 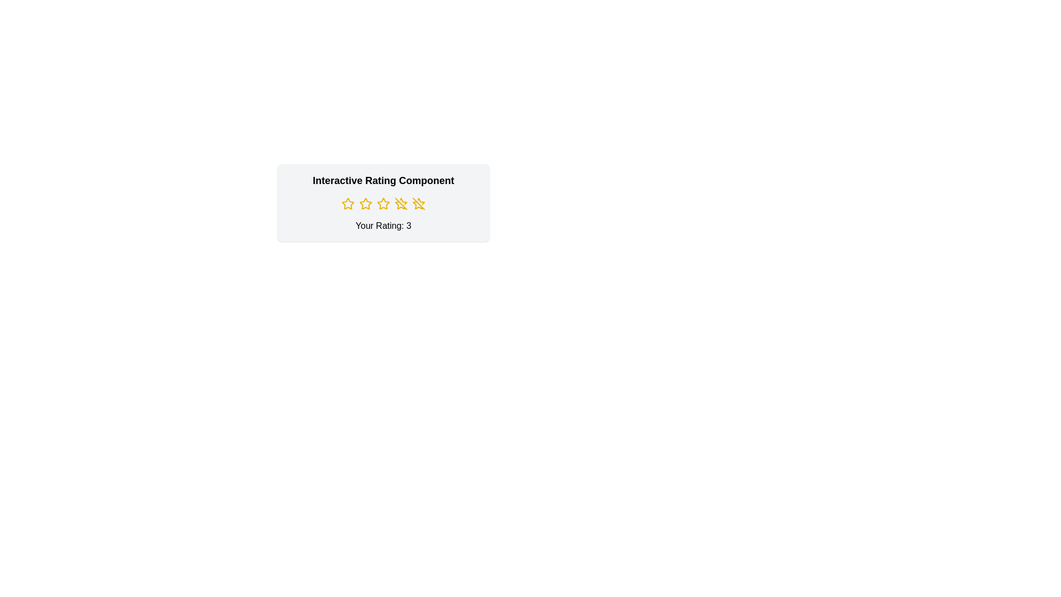 I want to click on the star corresponding to the desired rating 2, so click(x=366, y=204).